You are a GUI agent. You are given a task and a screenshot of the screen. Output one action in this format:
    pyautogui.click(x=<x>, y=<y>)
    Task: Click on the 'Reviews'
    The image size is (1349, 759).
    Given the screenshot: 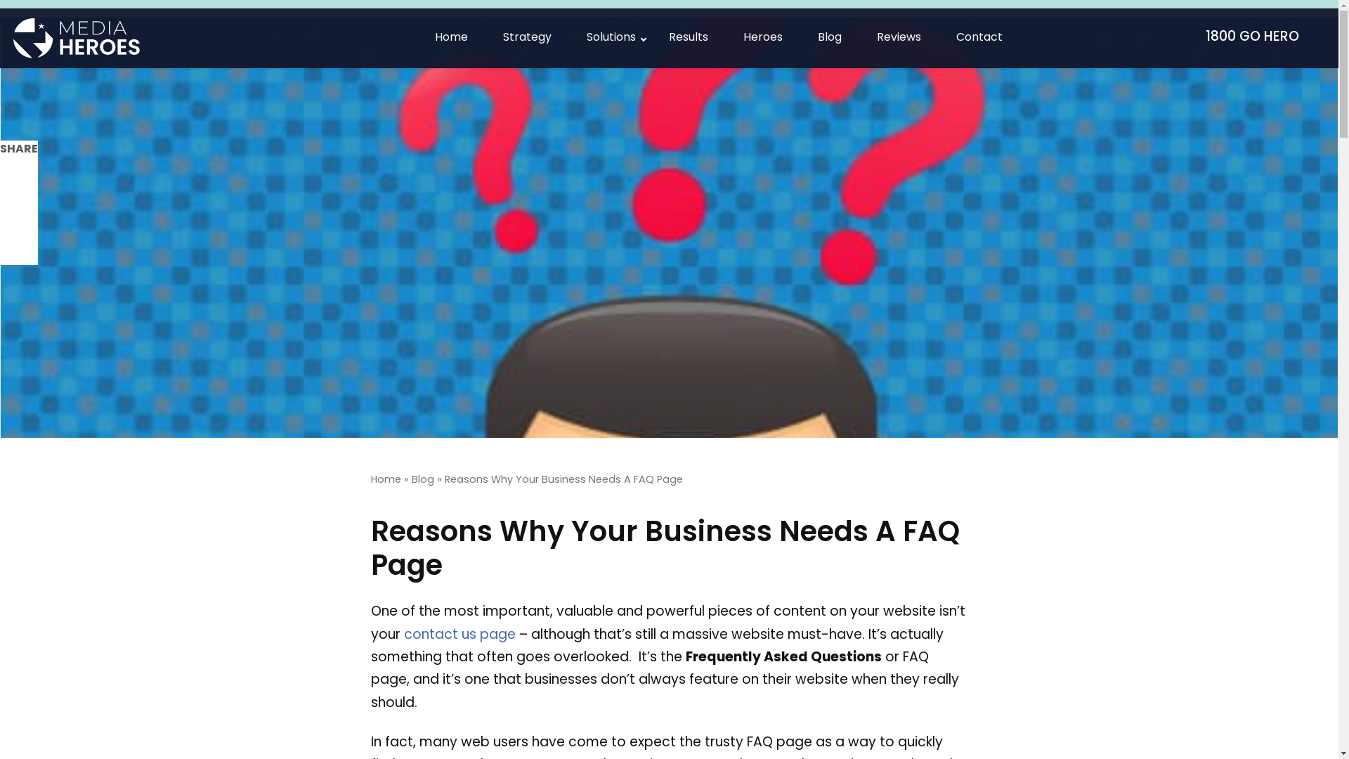 What is the action you would take?
    pyautogui.click(x=898, y=37)
    